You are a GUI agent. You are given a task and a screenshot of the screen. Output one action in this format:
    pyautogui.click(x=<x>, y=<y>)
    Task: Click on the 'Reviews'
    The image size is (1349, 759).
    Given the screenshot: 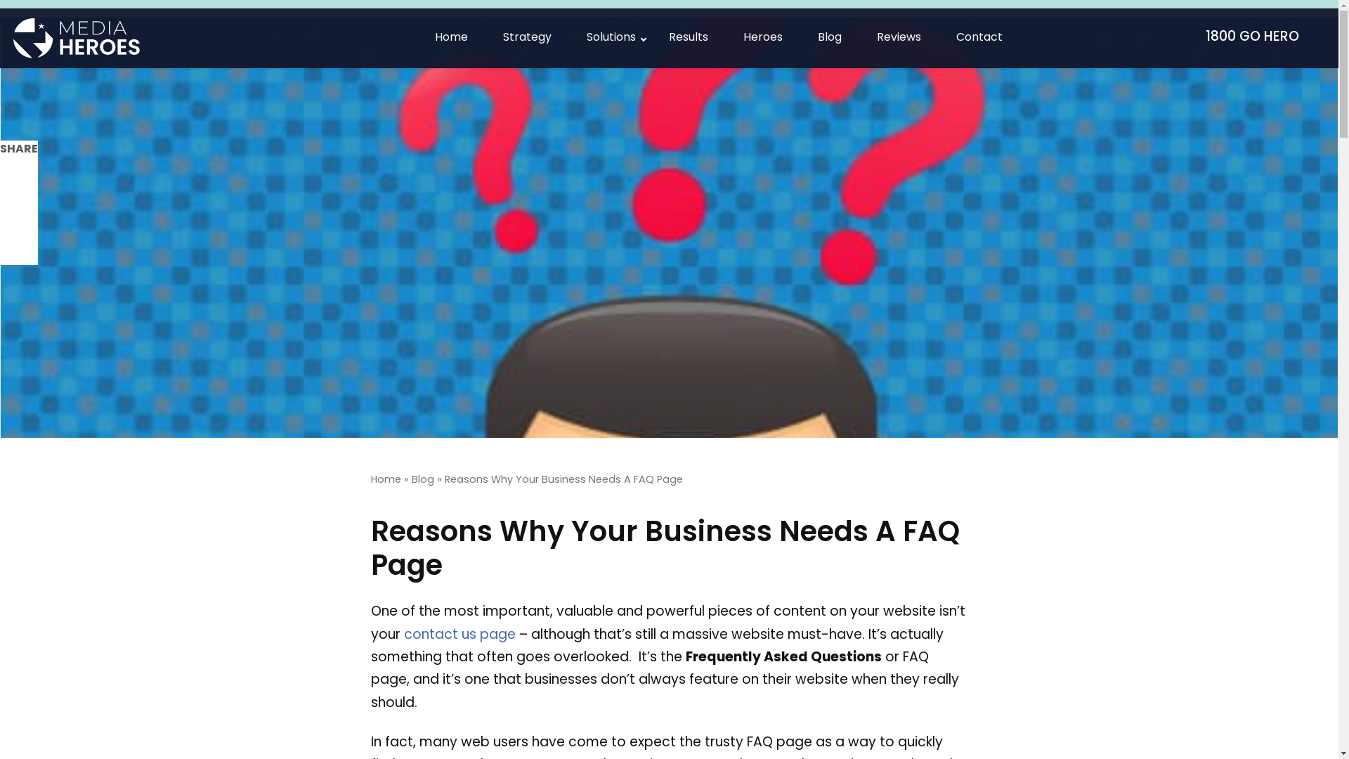 What is the action you would take?
    pyautogui.click(x=898, y=37)
    